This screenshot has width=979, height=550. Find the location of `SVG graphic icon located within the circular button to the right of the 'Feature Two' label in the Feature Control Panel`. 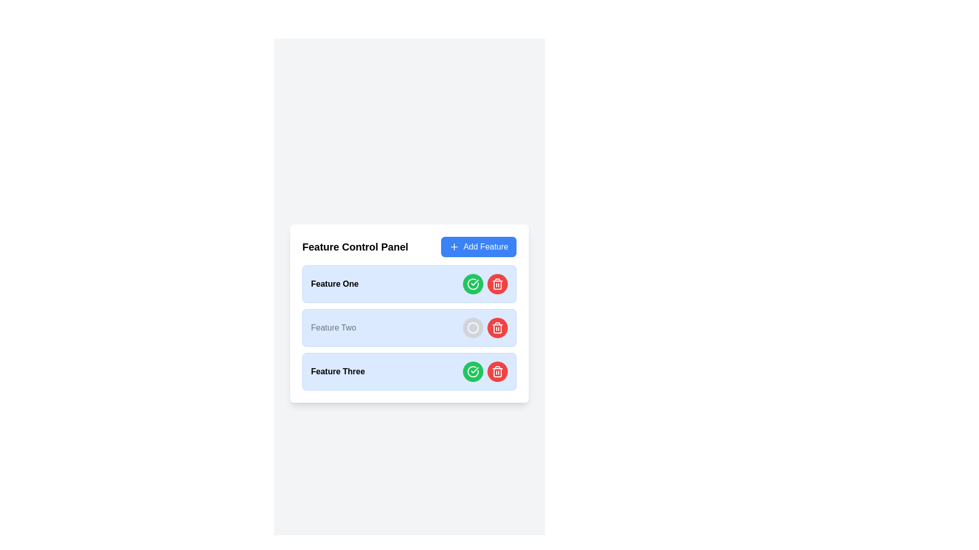

SVG graphic icon located within the circular button to the right of the 'Feature Two' label in the Feature Control Panel is located at coordinates (472, 328).